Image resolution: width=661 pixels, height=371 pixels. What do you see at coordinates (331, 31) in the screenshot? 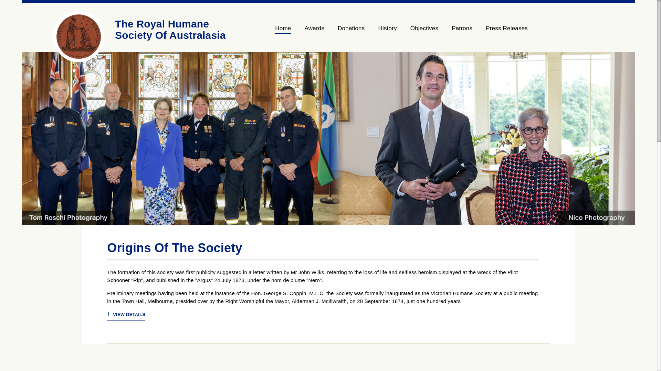
I see `'Donations'` at bounding box center [331, 31].